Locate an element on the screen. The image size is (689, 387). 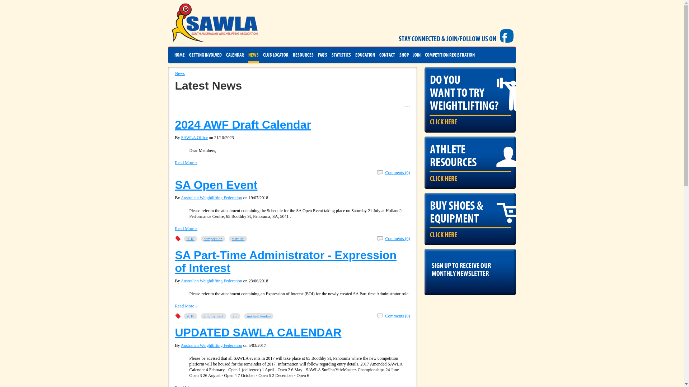
'EDUCATION' is located at coordinates (365, 55).